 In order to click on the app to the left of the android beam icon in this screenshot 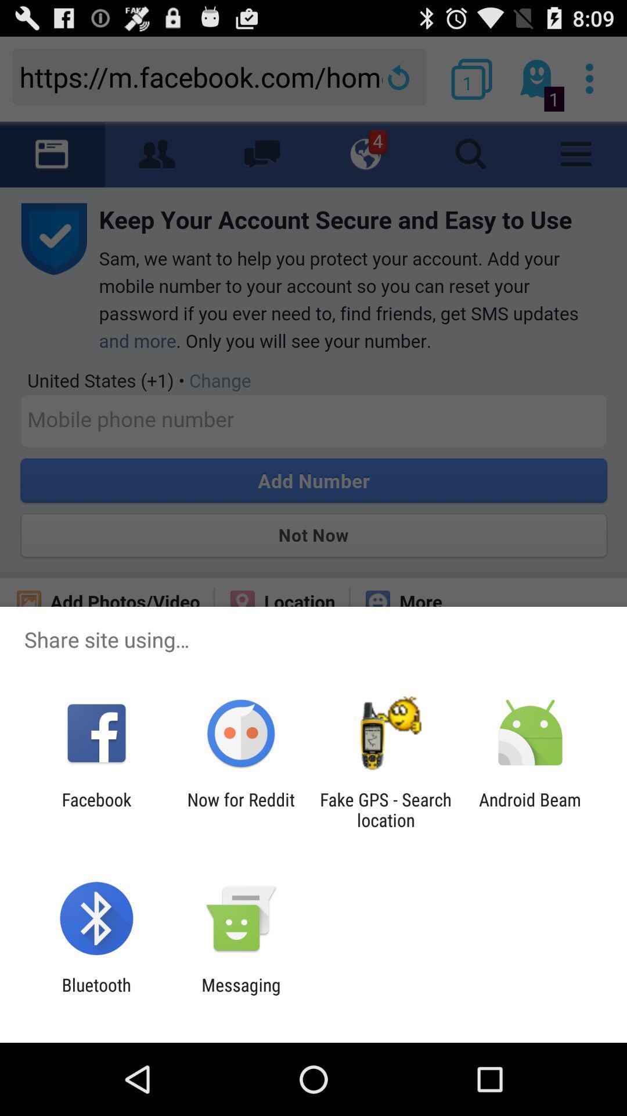, I will do `click(385, 809)`.